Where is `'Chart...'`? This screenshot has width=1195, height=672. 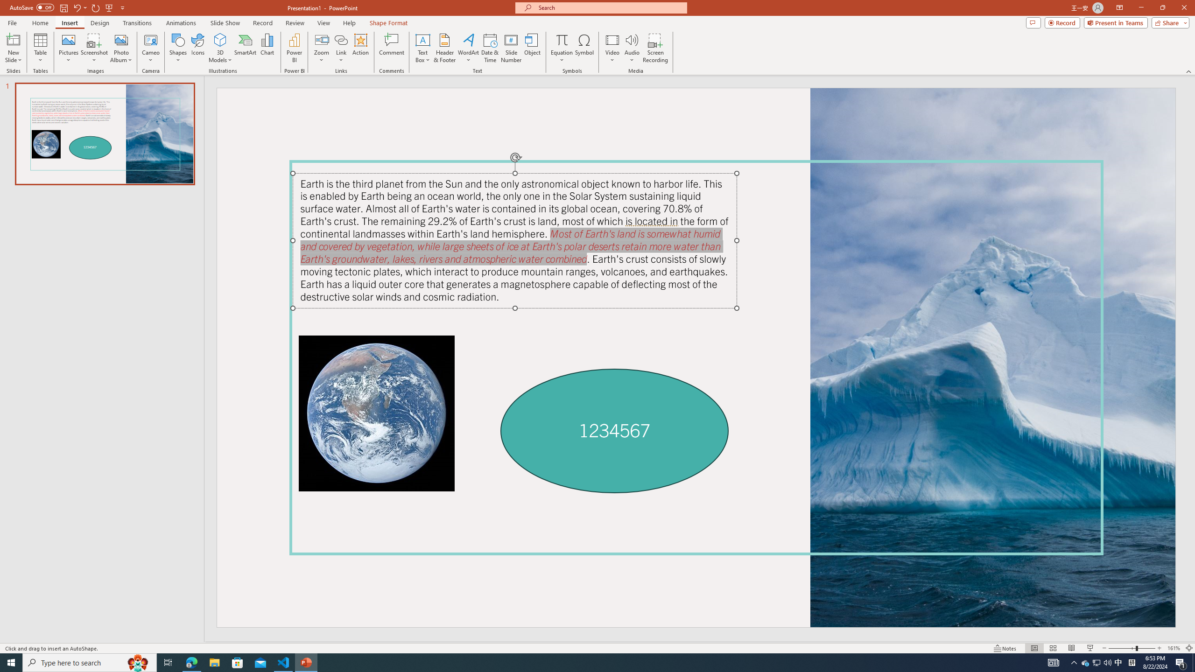 'Chart...' is located at coordinates (267, 48).